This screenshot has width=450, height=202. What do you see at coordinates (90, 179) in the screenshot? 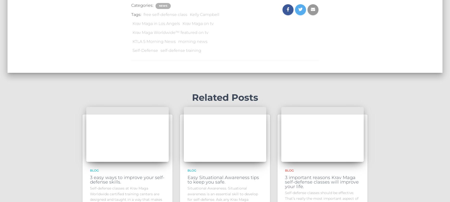
I see `'3 easy ways to improve your self-defense skills.'` at bounding box center [90, 179].